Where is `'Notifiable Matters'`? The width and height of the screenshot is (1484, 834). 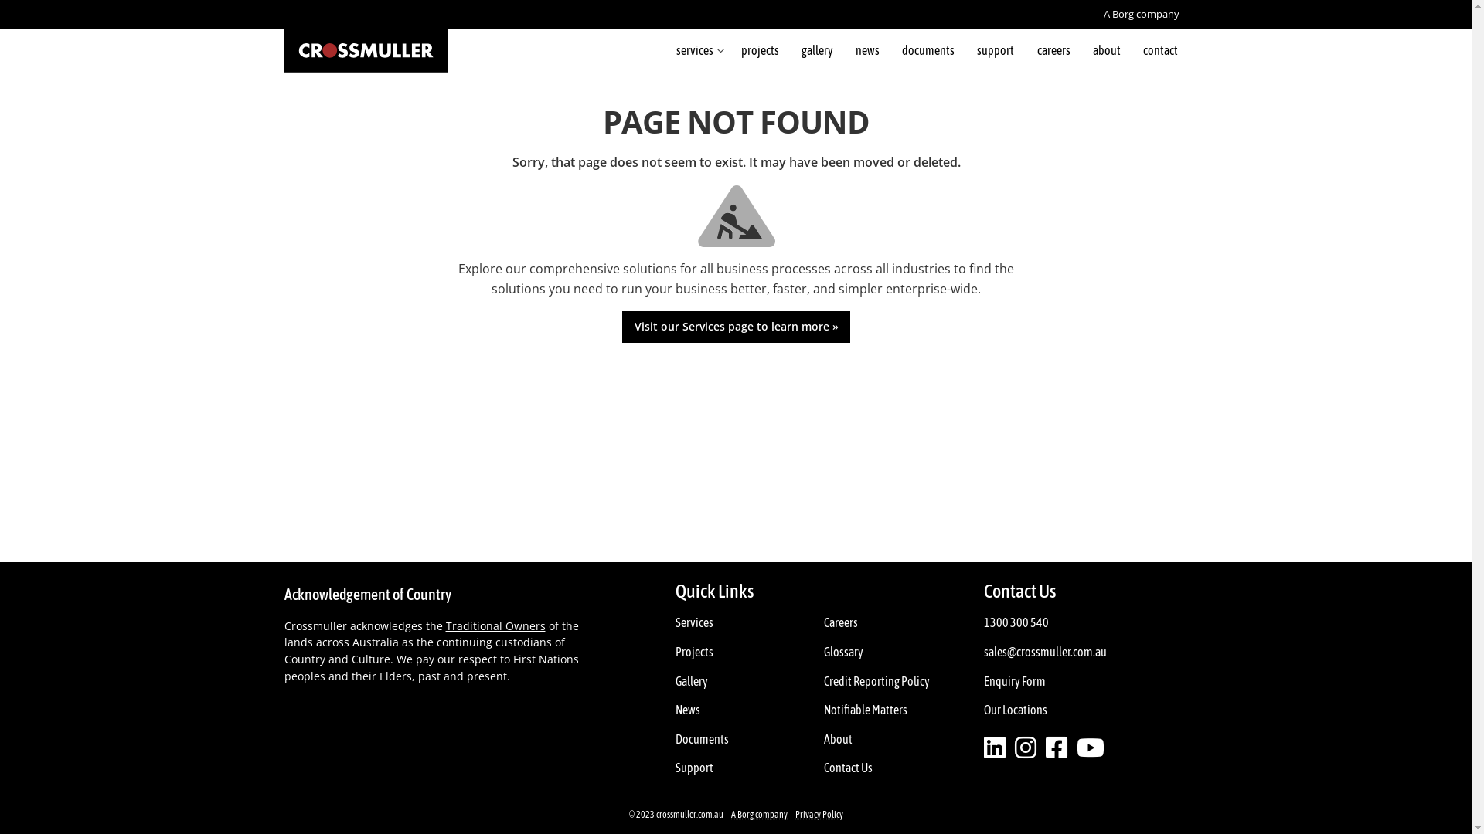
'Notifiable Matters' is located at coordinates (864, 710).